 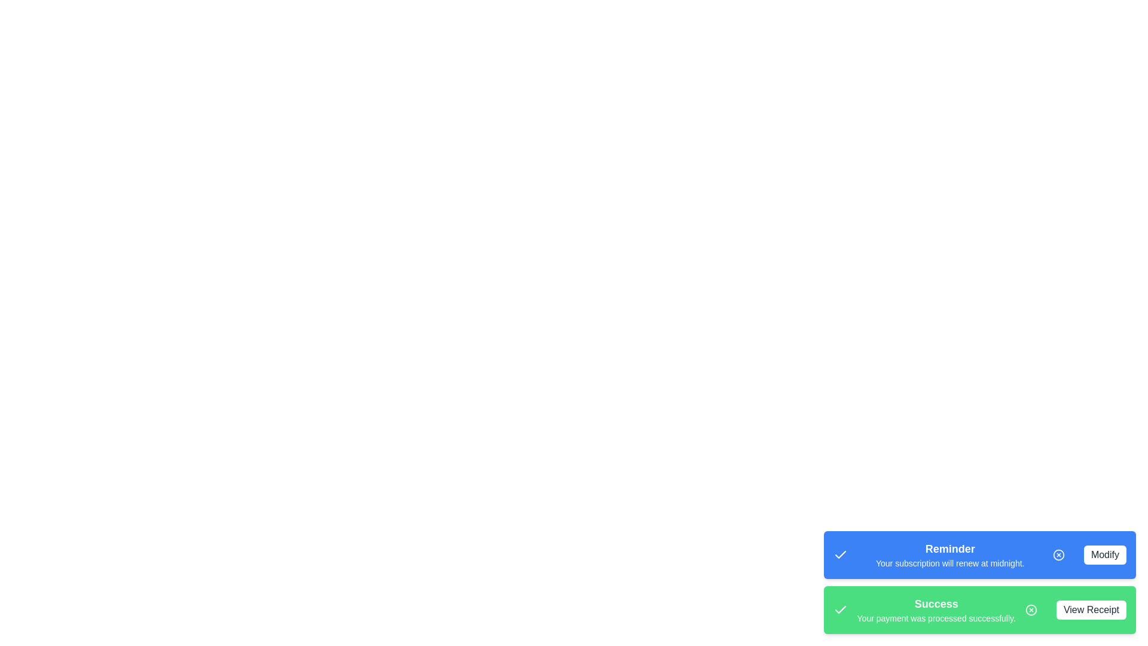 What do you see at coordinates (935, 610) in the screenshot?
I see `the text content of the snackbar message Success` at bounding box center [935, 610].